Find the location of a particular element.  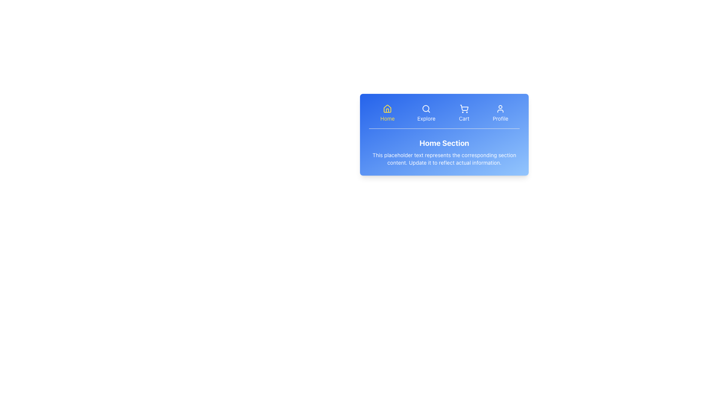

the circular icon with a magnifying glass symbol in the 'Explore' section of the navigation menu is located at coordinates (426, 109).